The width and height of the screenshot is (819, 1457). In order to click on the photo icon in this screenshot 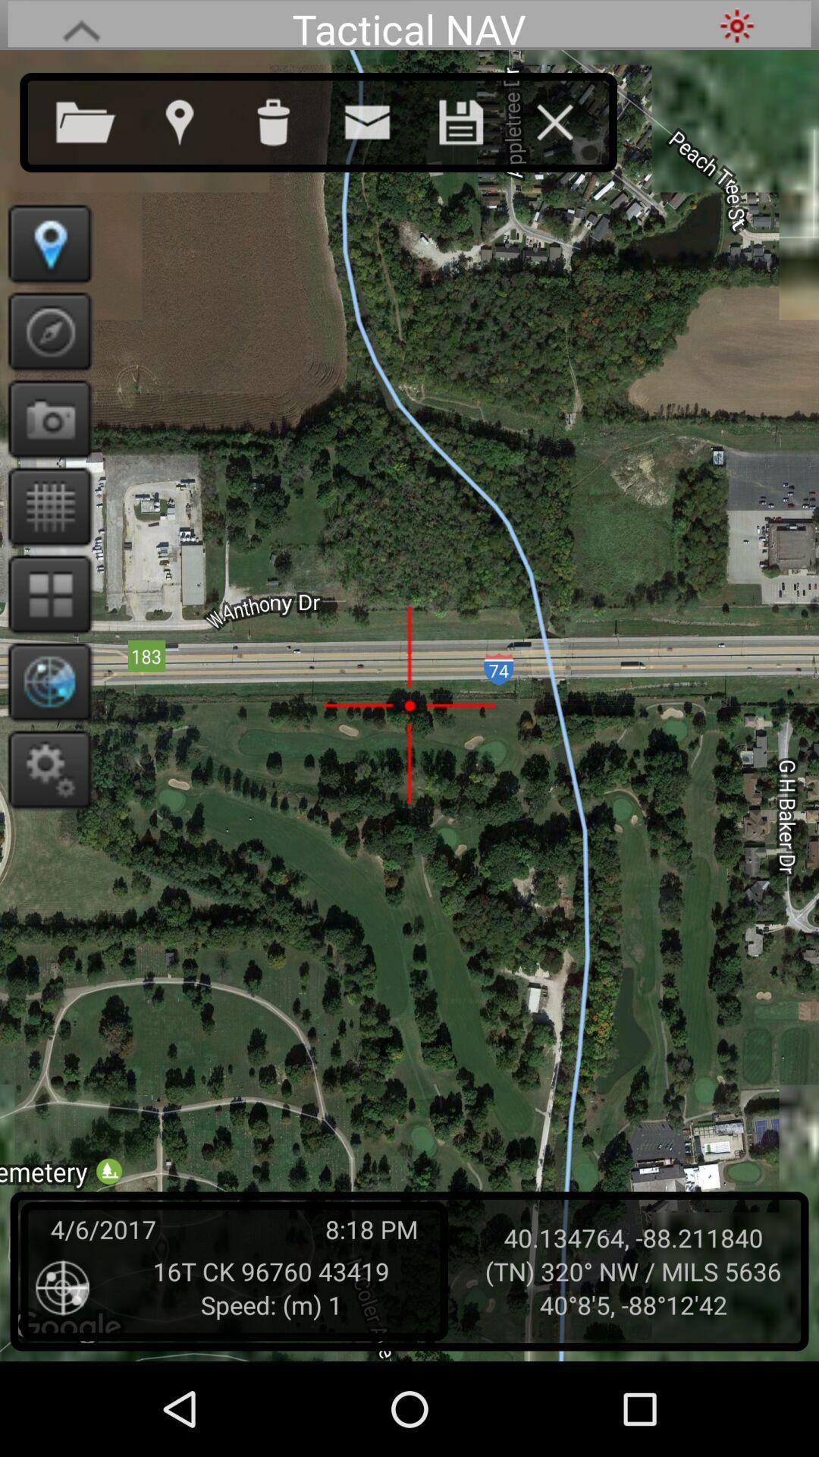, I will do `click(44, 447)`.